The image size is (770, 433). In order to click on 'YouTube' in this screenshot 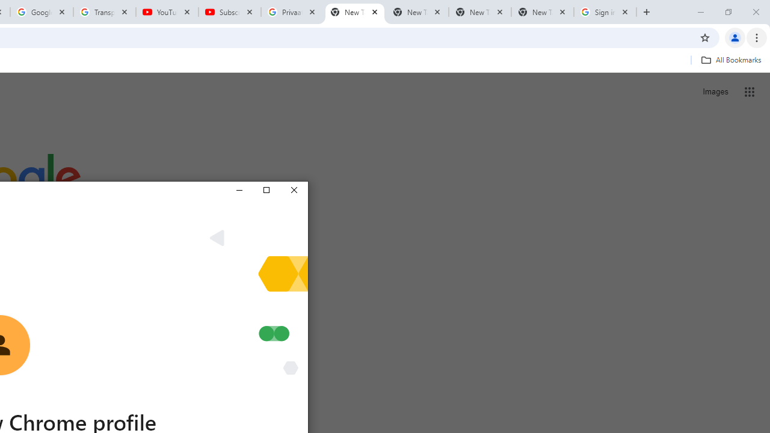, I will do `click(167, 12)`.